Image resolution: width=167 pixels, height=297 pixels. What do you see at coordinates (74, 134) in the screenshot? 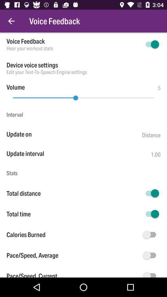
I see `the icon to the left of distance item` at bounding box center [74, 134].